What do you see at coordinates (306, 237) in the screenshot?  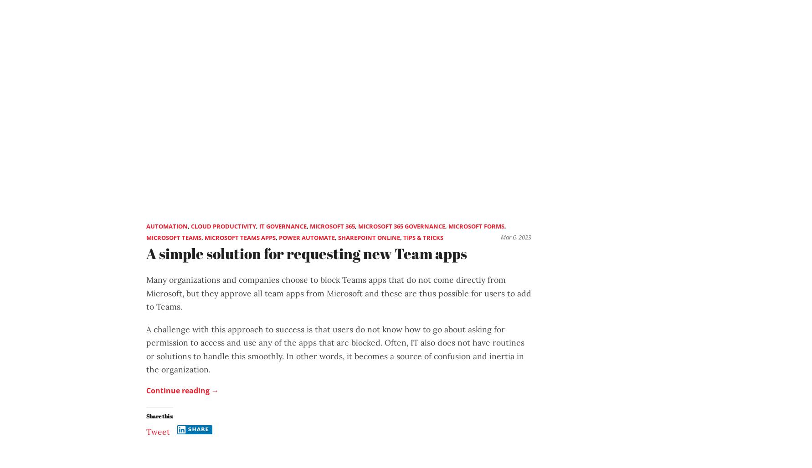 I see `'Power Automate'` at bounding box center [306, 237].